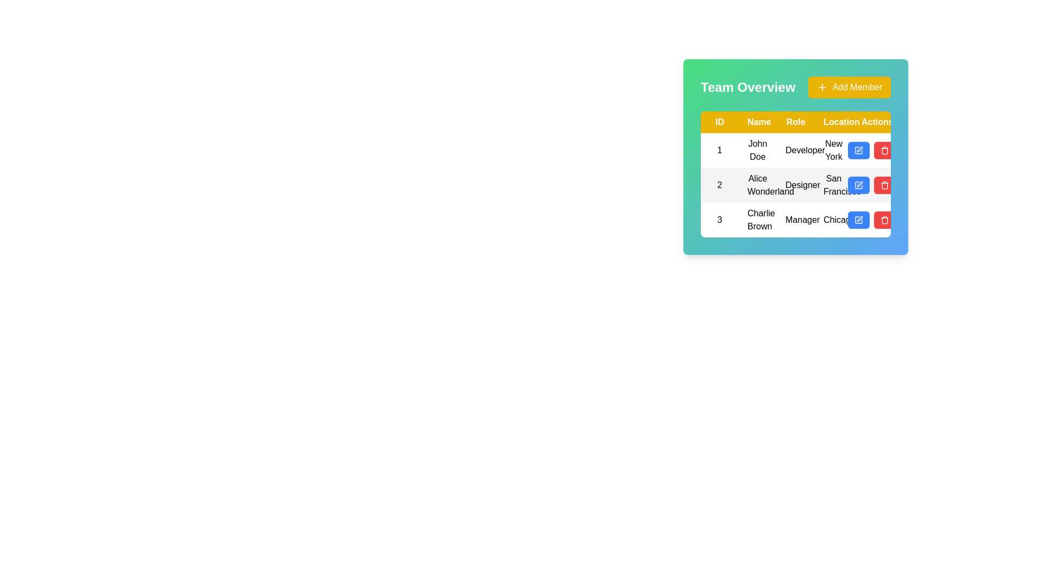 The image size is (1043, 587). Describe the element at coordinates (884, 184) in the screenshot. I see `the delete icon button (trash bin) in the 'Actions' column of the second row in the 'Team Overview' table` at that location.